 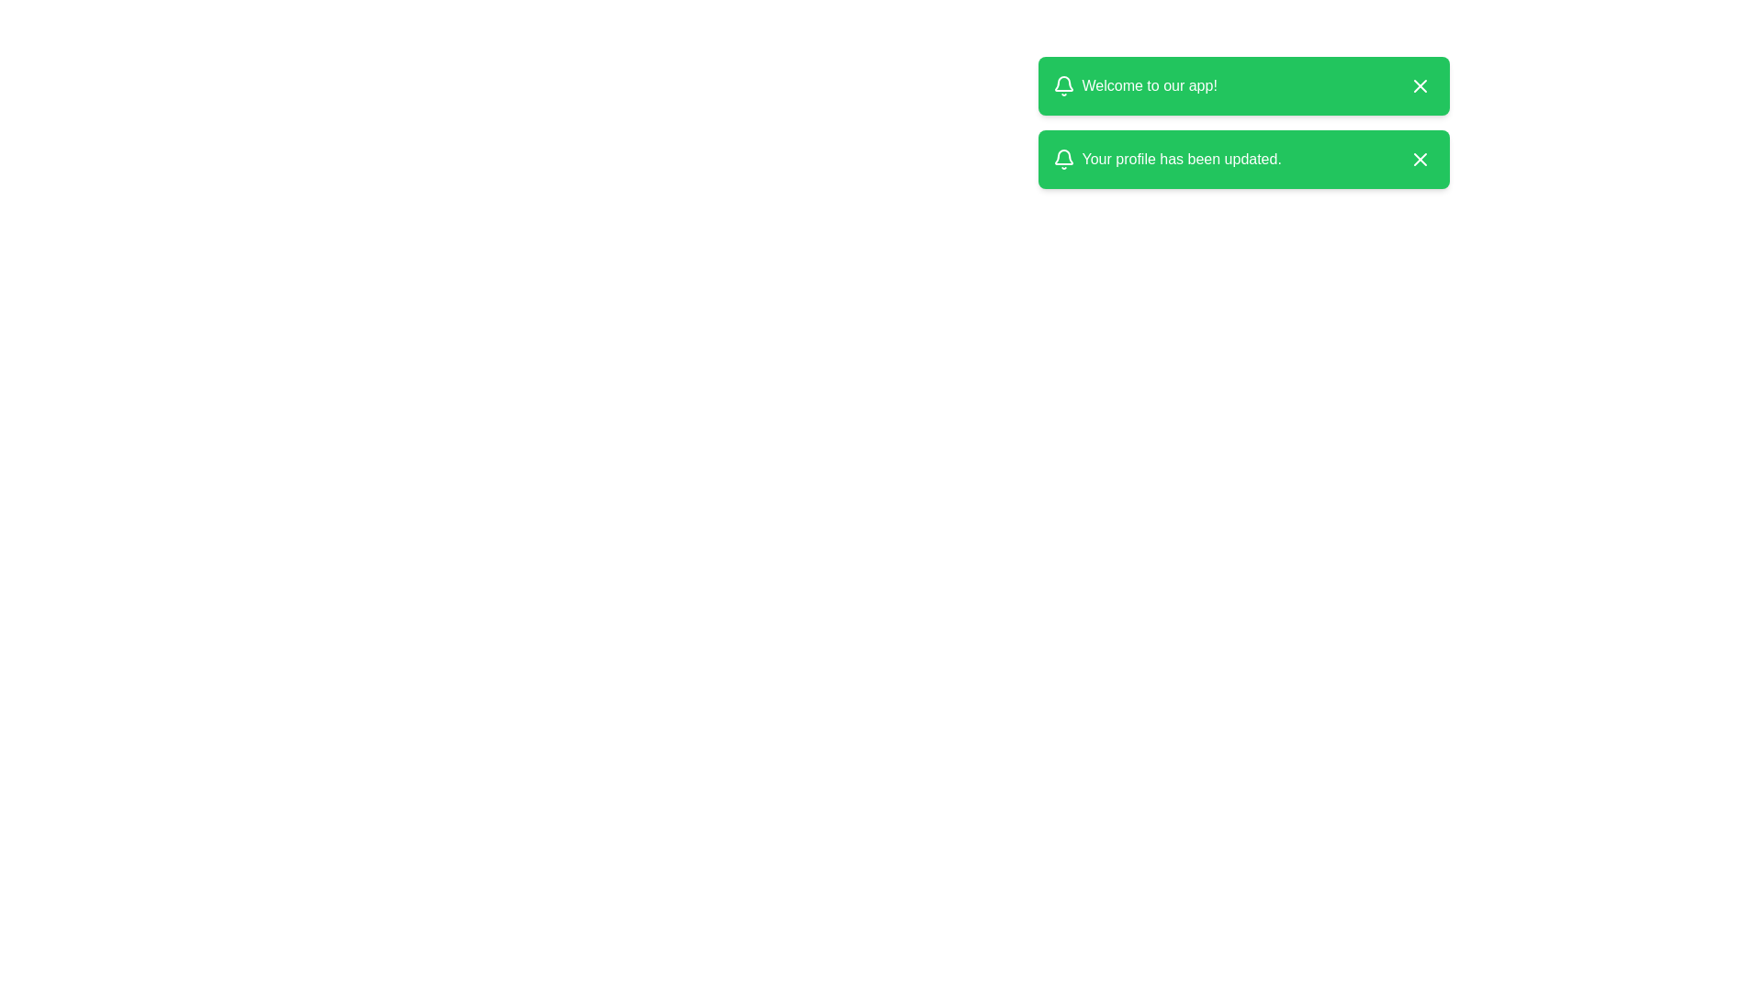 What do you see at coordinates (1419, 158) in the screenshot?
I see `the Close Button (Icon) located at the top right corner of the second green notification bar, which is positioned to the right of the message 'Your profile has been updated.'` at bounding box center [1419, 158].